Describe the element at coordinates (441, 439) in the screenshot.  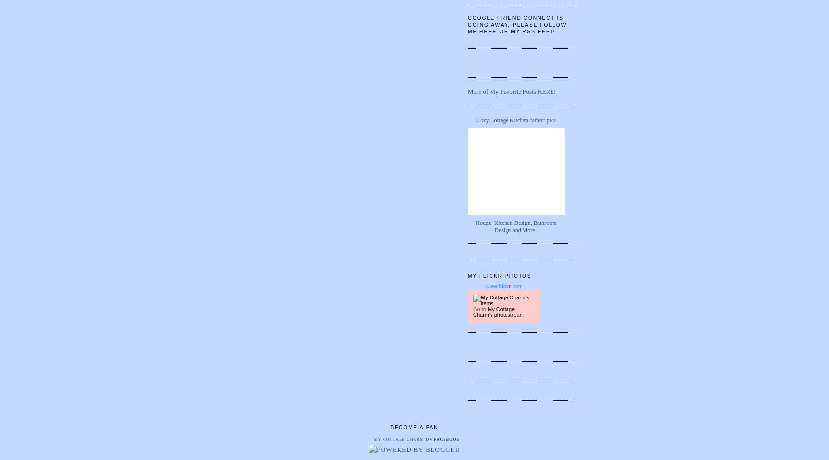
I see `'on Facebook'` at that location.